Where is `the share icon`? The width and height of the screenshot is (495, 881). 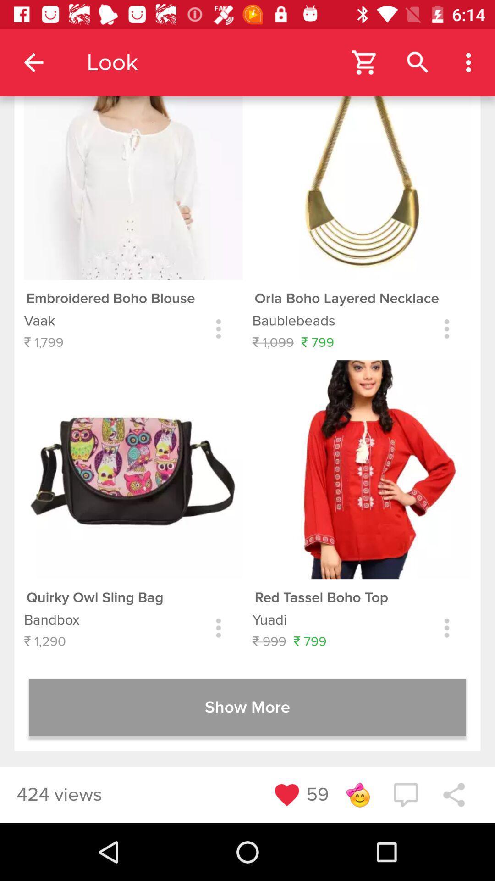
the share icon is located at coordinates (454, 794).